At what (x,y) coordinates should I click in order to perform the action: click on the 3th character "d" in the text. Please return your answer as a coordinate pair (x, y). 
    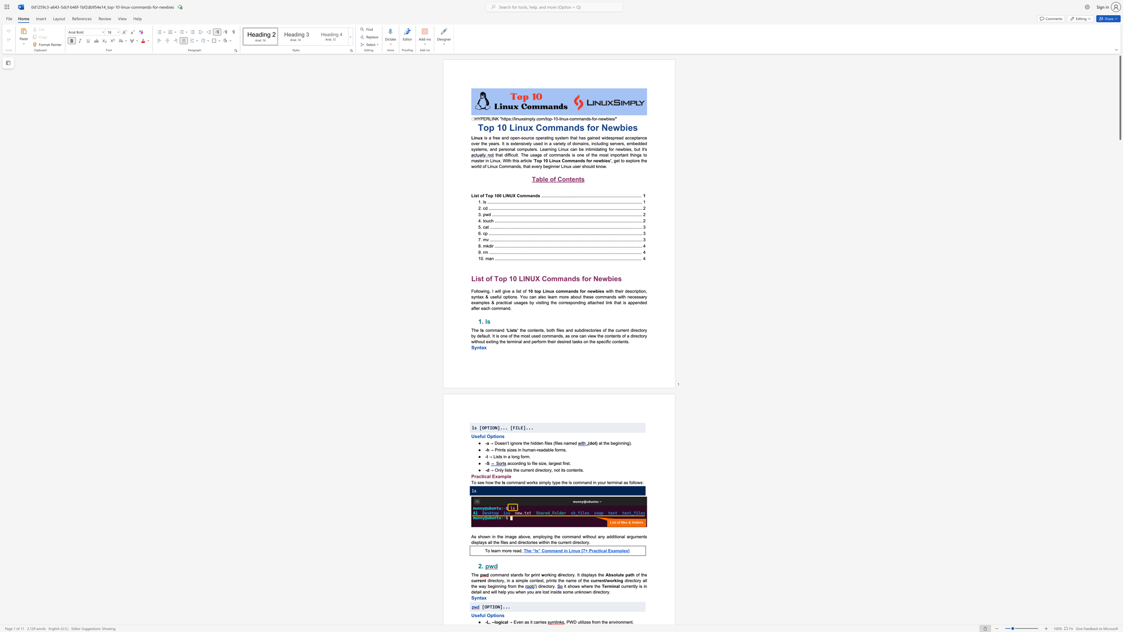
    Looking at the image, I should click on (575, 442).